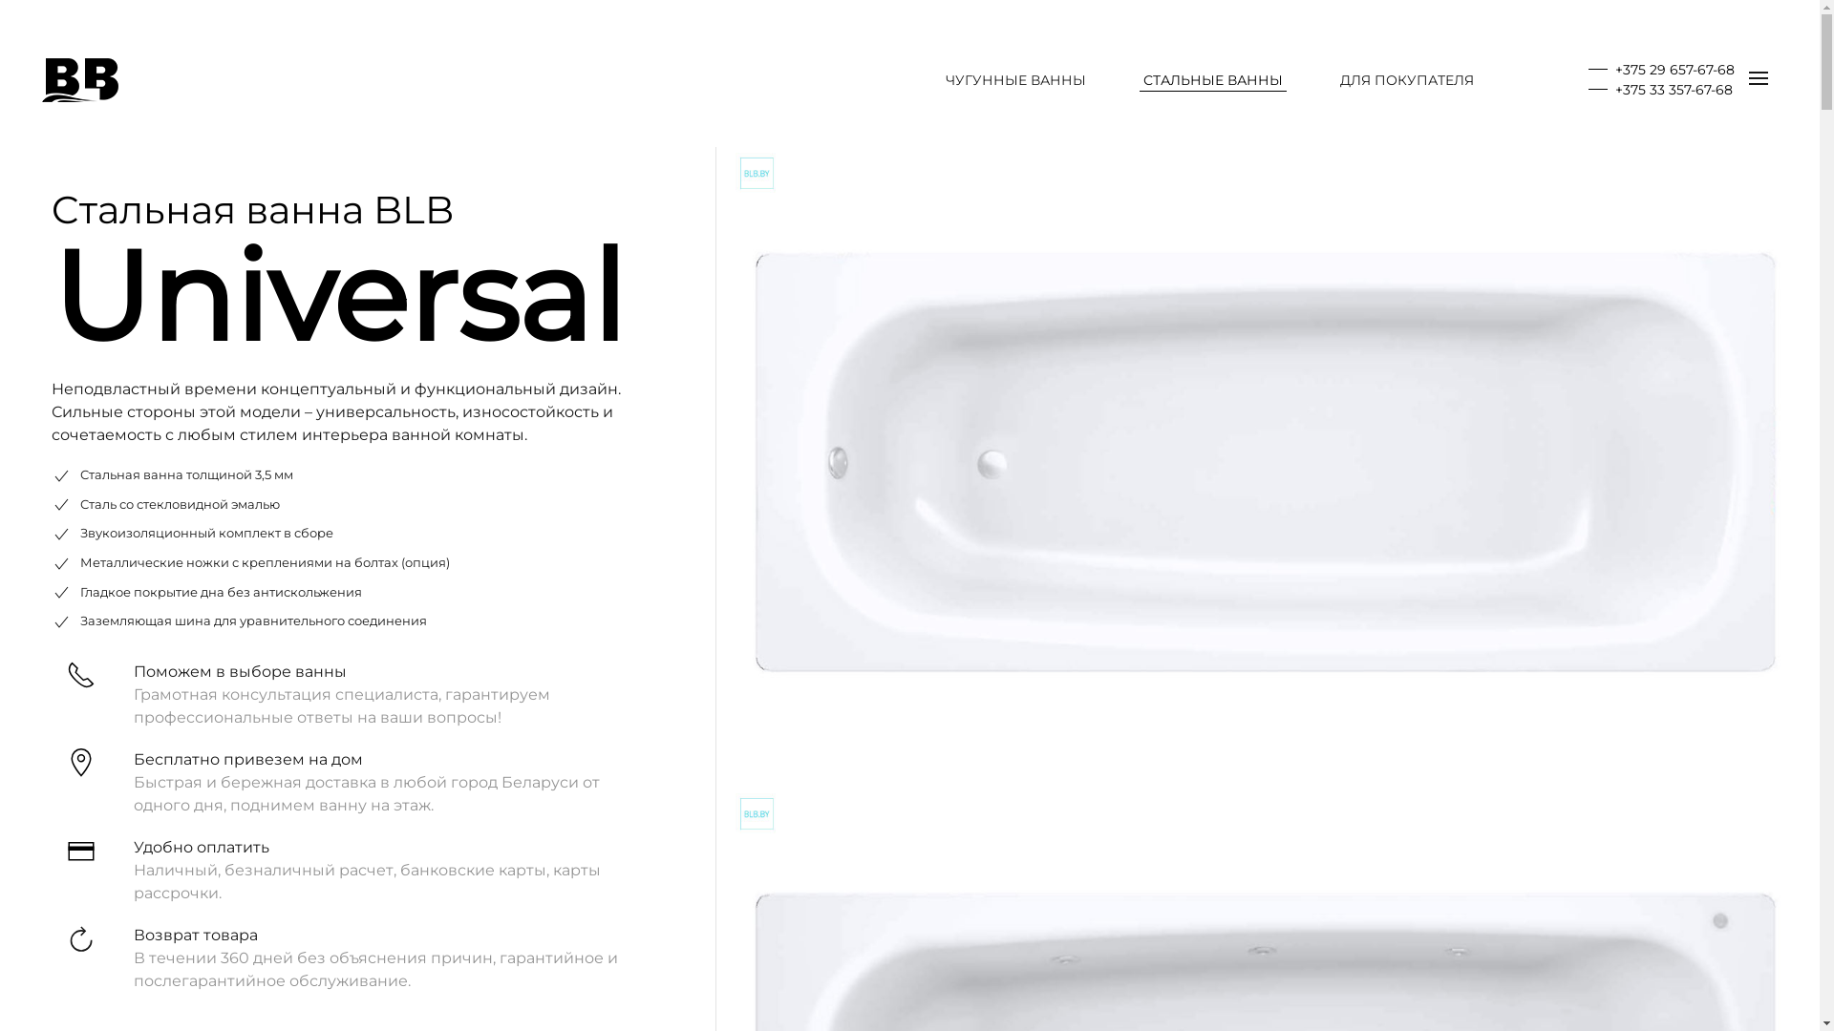  I want to click on '+375 29 657-67-68', so click(1588, 69).